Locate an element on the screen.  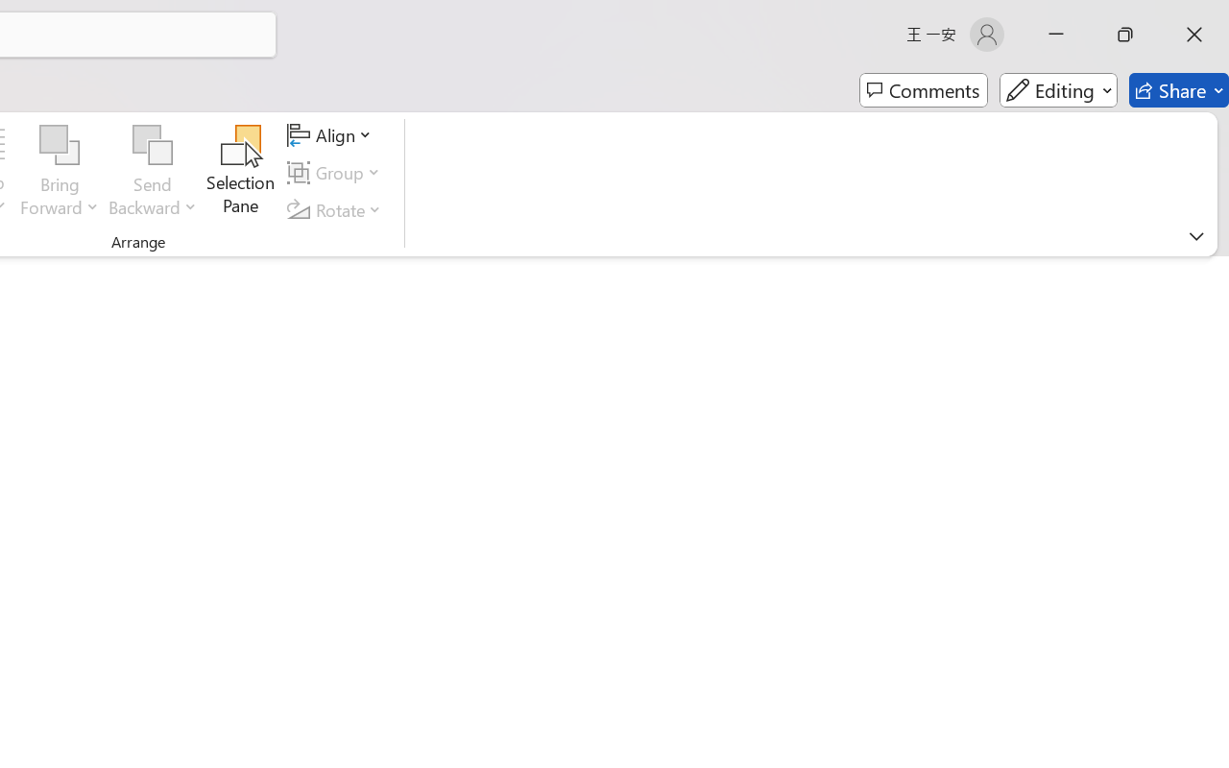
'Send Backward' is located at coordinates (152, 172).